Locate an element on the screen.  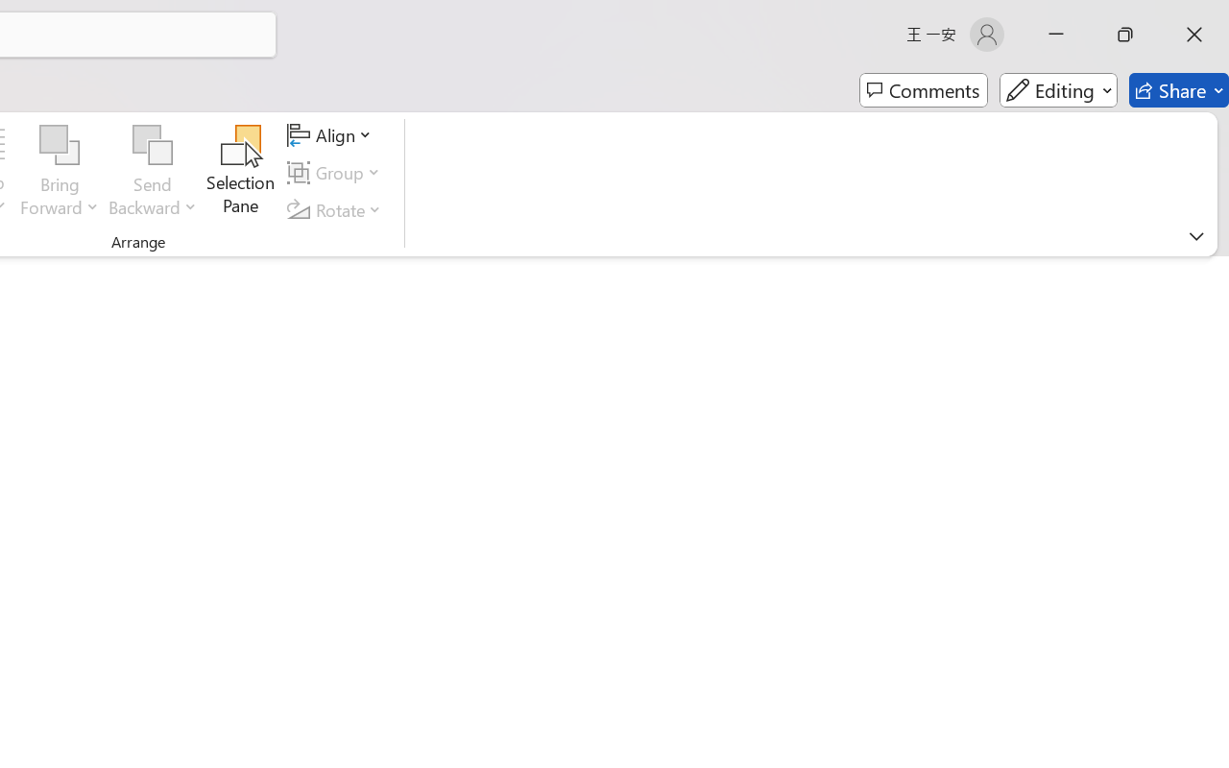
'Send Backward' is located at coordinates (152, 172).